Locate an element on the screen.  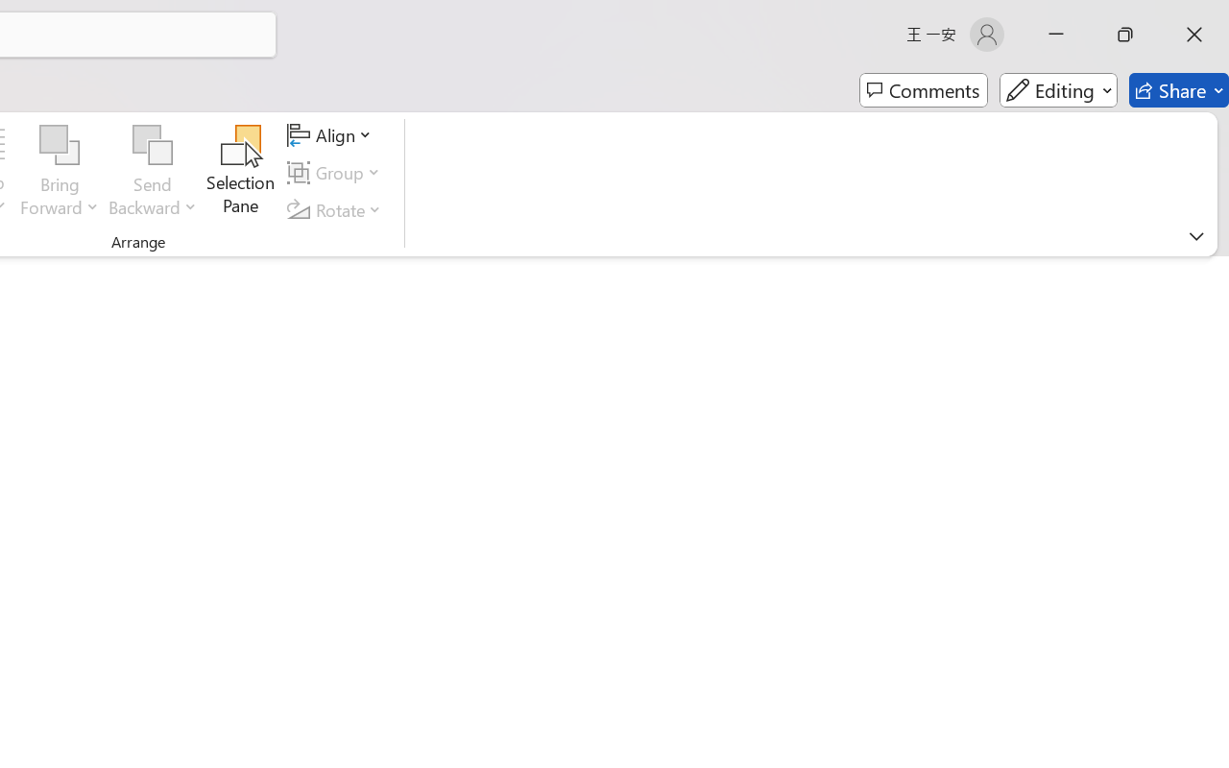
'Send Backward' is located at coordinates (152, 172).